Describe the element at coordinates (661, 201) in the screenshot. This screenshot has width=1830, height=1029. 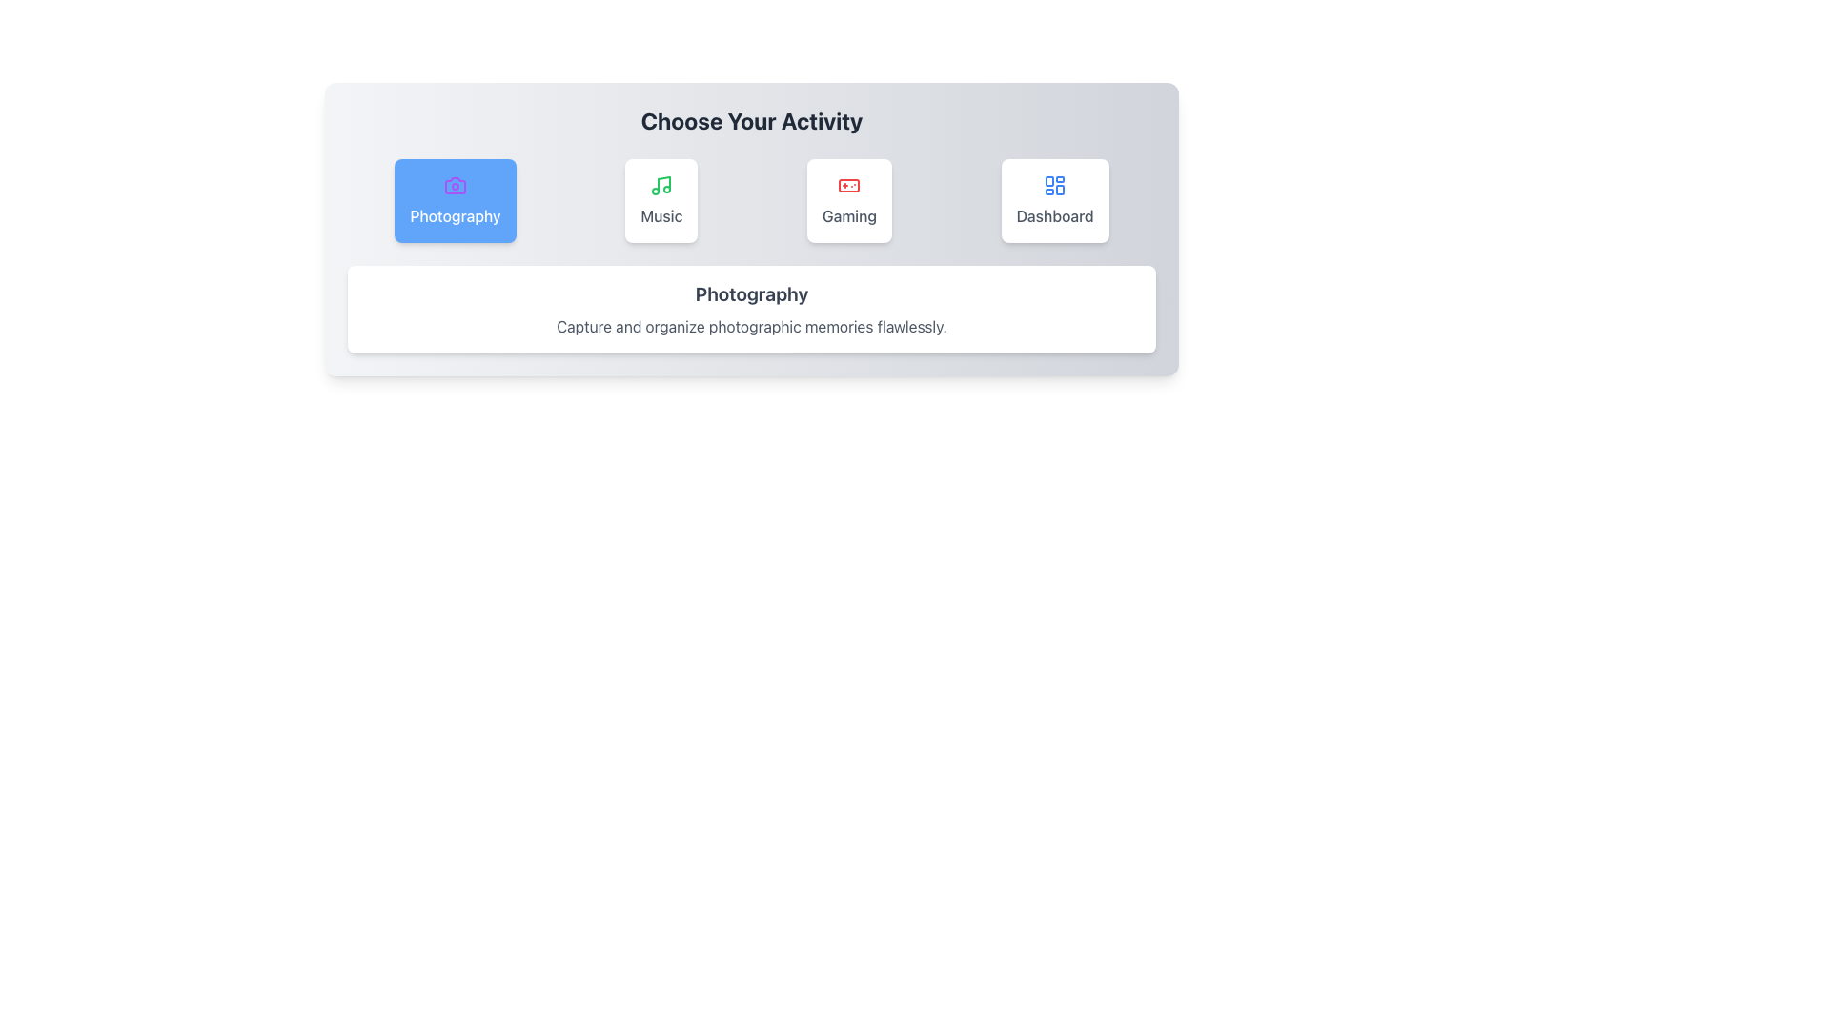
I see `the 'Music' button located in the second position of a horizontal row of four cards beneath the 'Choose Your Activity' header` at that location.